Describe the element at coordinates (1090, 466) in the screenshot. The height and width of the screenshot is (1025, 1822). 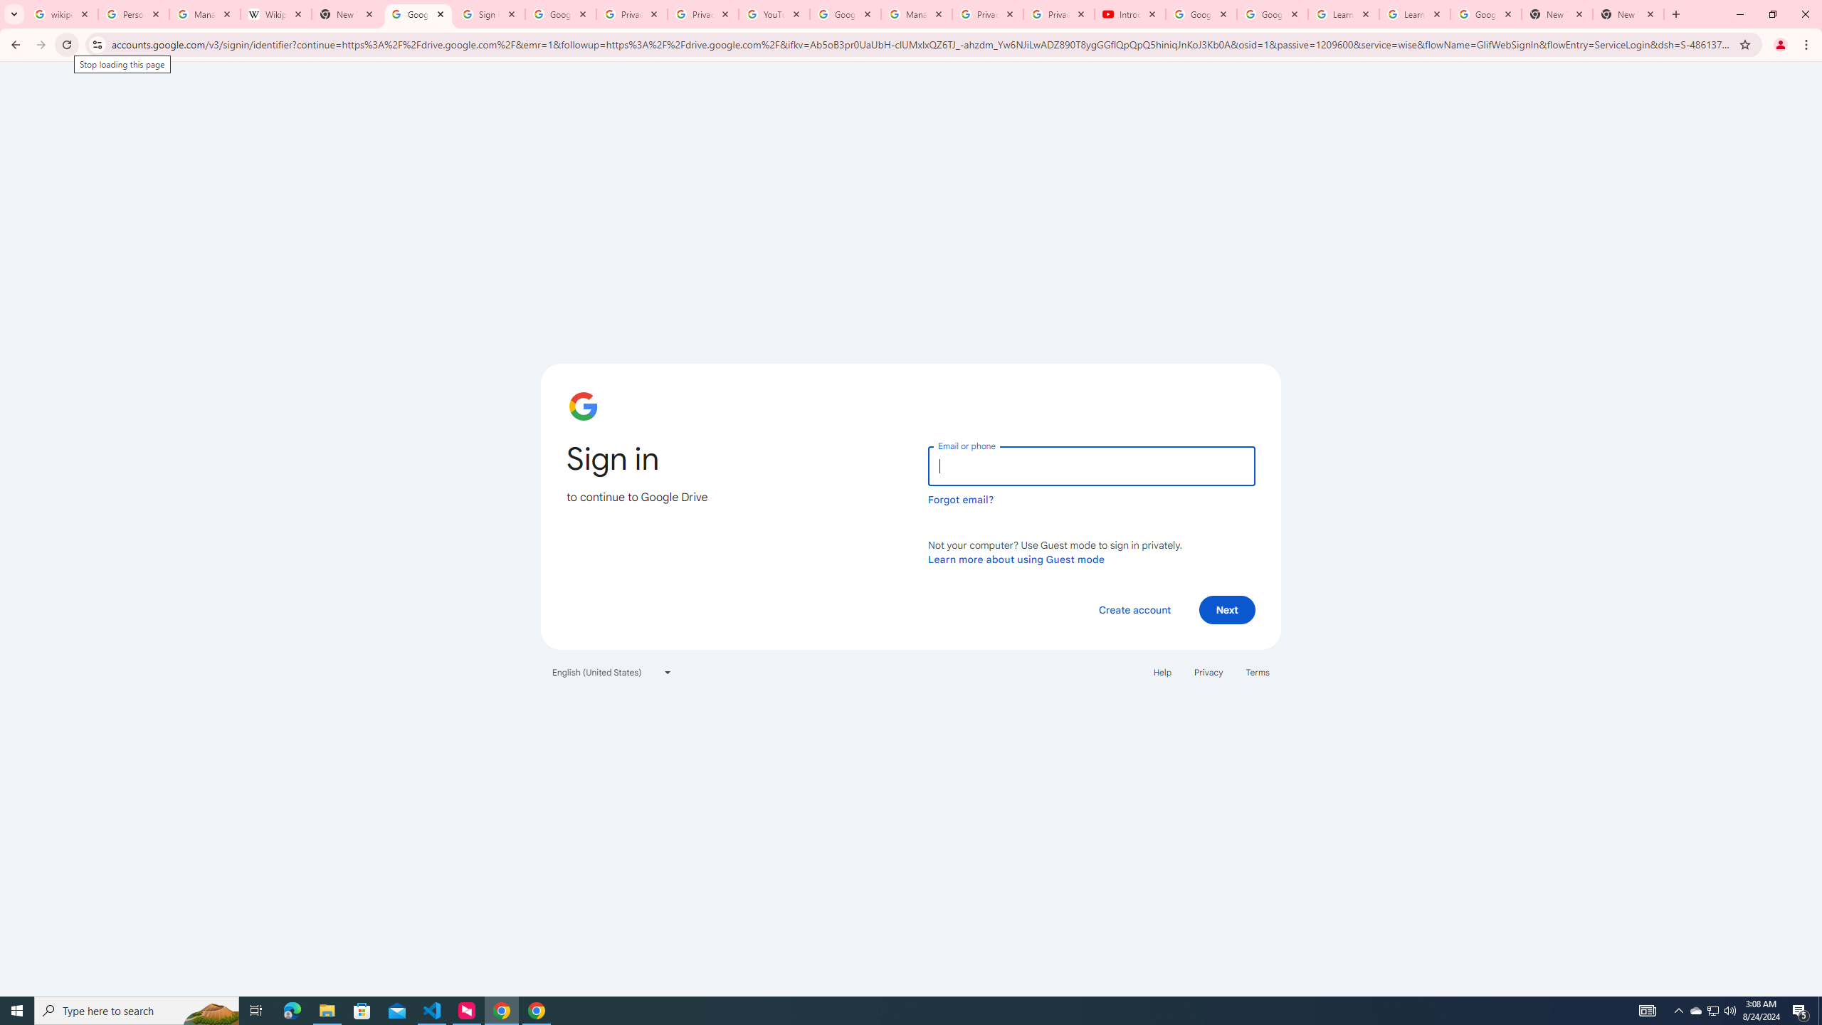
I see `'Email or phone'` at that location.